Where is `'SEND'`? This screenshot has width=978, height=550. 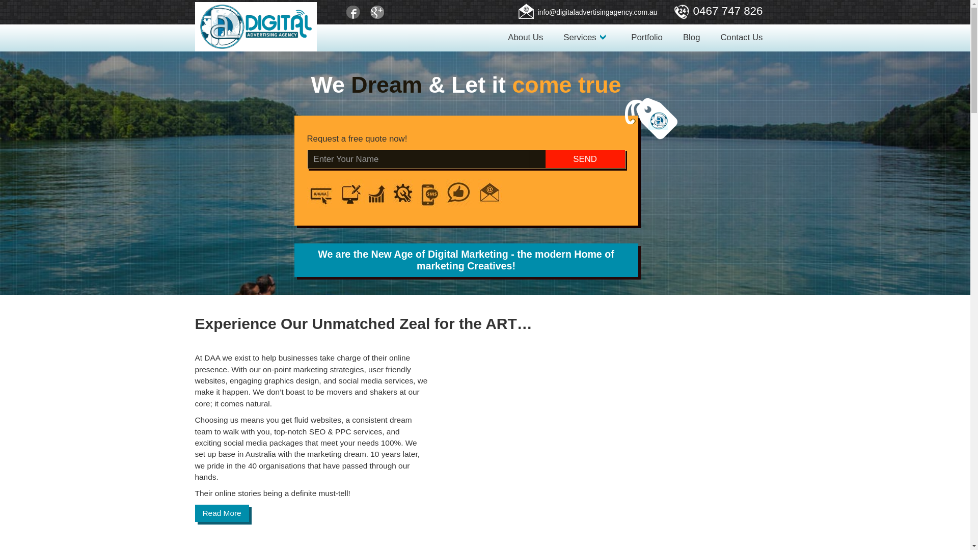
'SEND' is located at coordinates (585, 159).